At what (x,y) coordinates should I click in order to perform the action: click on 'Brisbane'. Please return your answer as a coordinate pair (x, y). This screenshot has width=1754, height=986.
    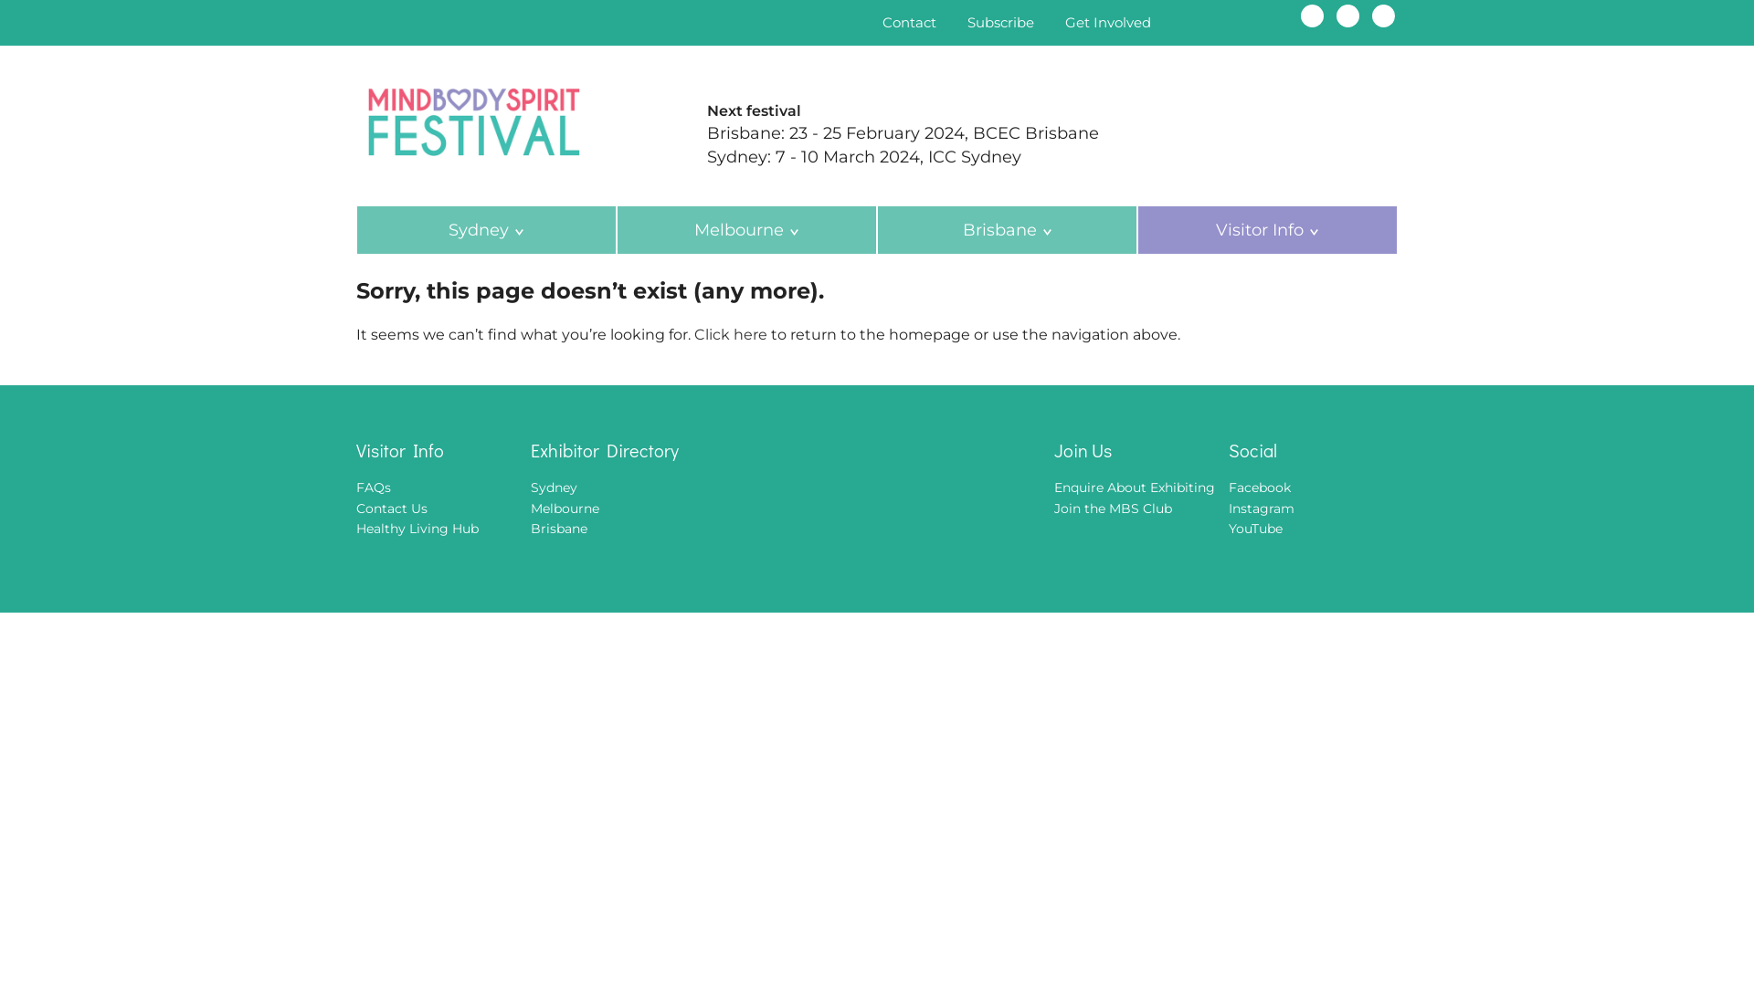
    Looking at the image, I should click on (557, 528).